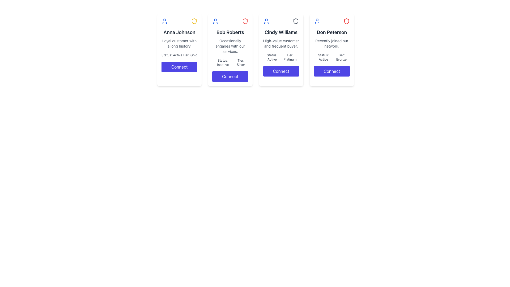 The height and width of the screenshot is (287, 510). Describe the element at coordinates (194, 21) in the screenshot. I see `the yellow shield icon located in the header section of Anna Johnson's card interface` at that location.